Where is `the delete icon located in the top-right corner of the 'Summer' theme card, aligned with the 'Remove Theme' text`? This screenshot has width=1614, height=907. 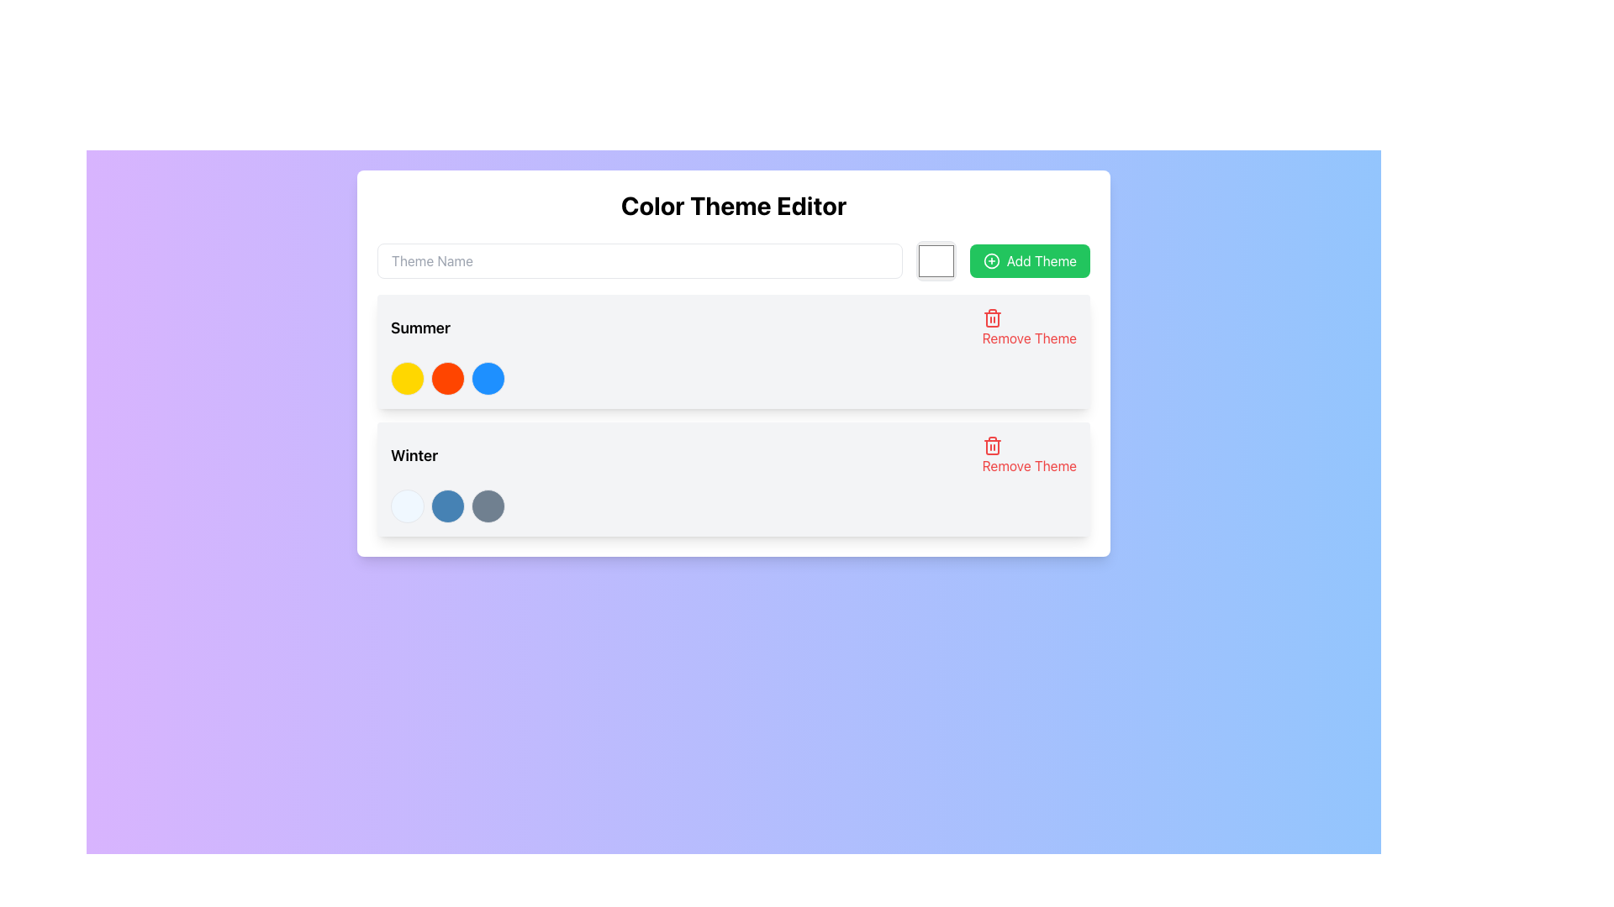 the delete icon located in the top-right corner of the 'Summer' theme card, aligned with the 'Remove Theme' text is located at coordinates (992, 317).